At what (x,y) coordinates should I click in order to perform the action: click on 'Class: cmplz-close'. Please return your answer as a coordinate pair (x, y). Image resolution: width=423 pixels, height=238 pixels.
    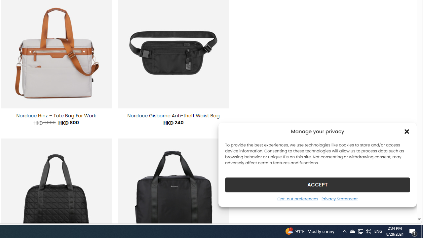
    Looking at the image, I should click on (406, 131).